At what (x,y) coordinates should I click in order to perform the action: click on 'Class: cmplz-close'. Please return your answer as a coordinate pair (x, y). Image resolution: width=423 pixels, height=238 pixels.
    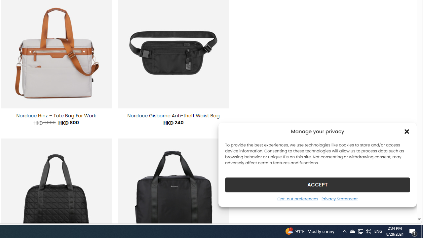
    Looking at the image, I should click on (406, 131).